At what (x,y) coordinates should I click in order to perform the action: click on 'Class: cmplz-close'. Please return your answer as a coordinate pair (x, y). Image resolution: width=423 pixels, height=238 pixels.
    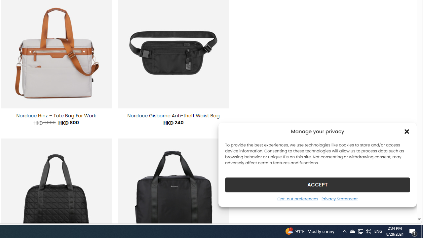
    Looking at the image, I should click on (406, 131).